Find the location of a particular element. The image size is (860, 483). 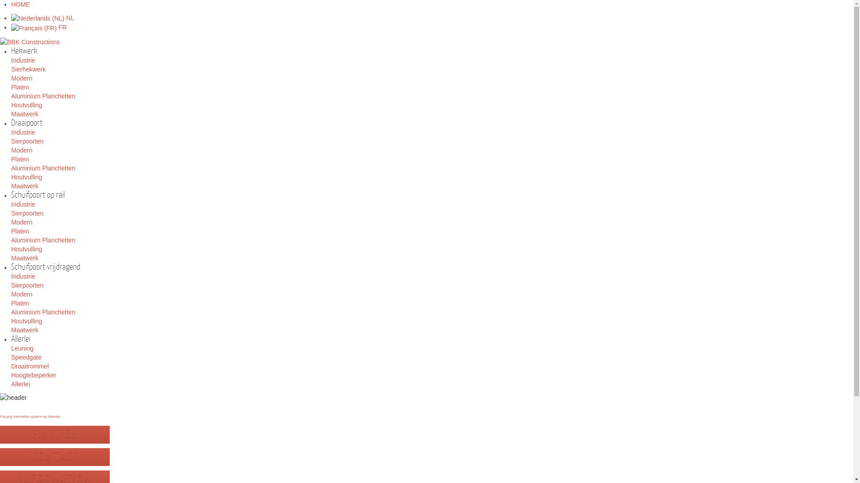

'Draaitrommel' is located at coordinates (30, 366).